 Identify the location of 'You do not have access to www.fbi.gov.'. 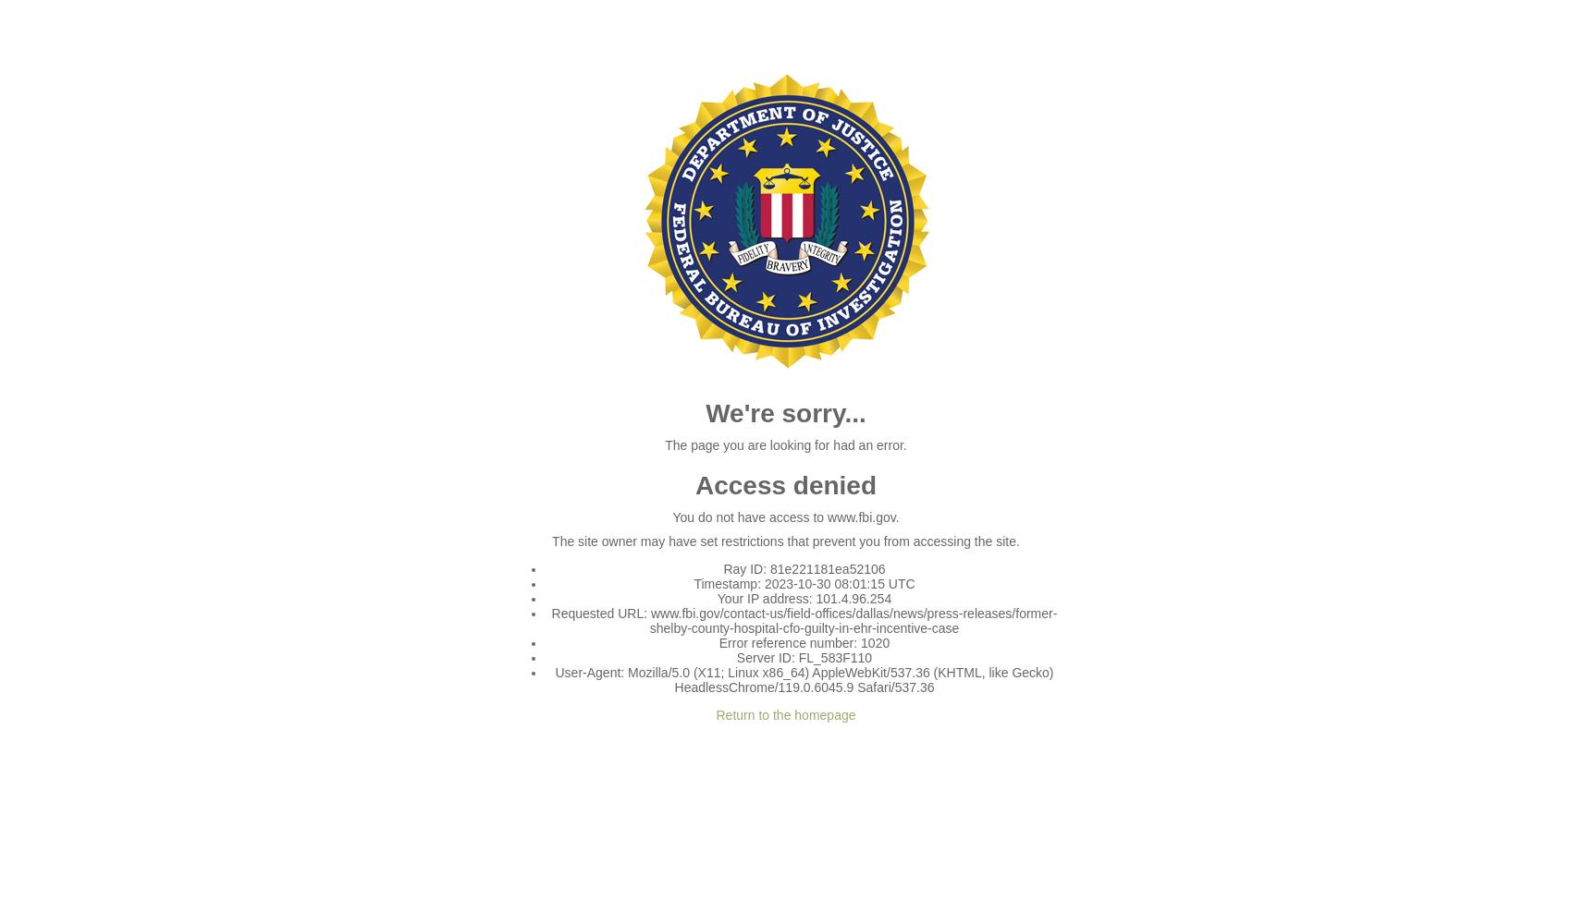
(784, 517).